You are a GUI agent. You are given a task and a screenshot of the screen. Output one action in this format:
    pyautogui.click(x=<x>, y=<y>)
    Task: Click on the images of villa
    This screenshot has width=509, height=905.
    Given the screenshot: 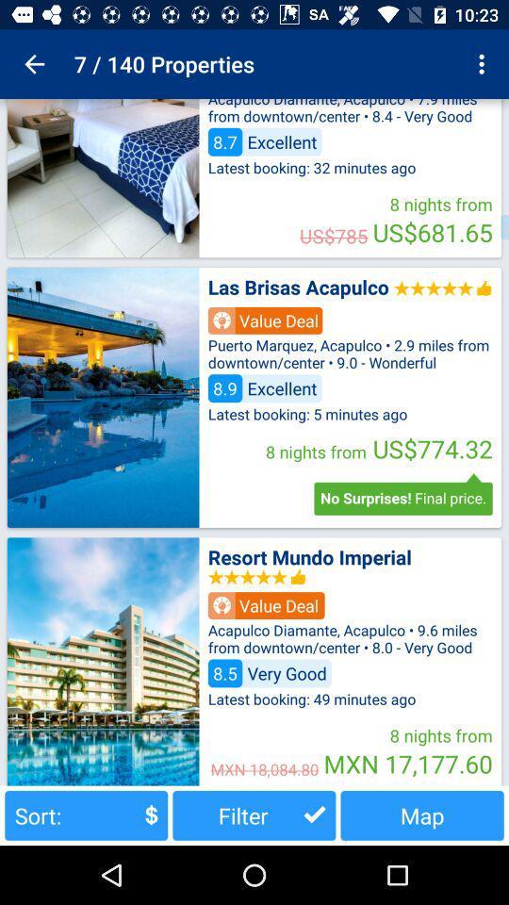 What is the action you would take?
    pyautogui.click(x=103, y=397)
    